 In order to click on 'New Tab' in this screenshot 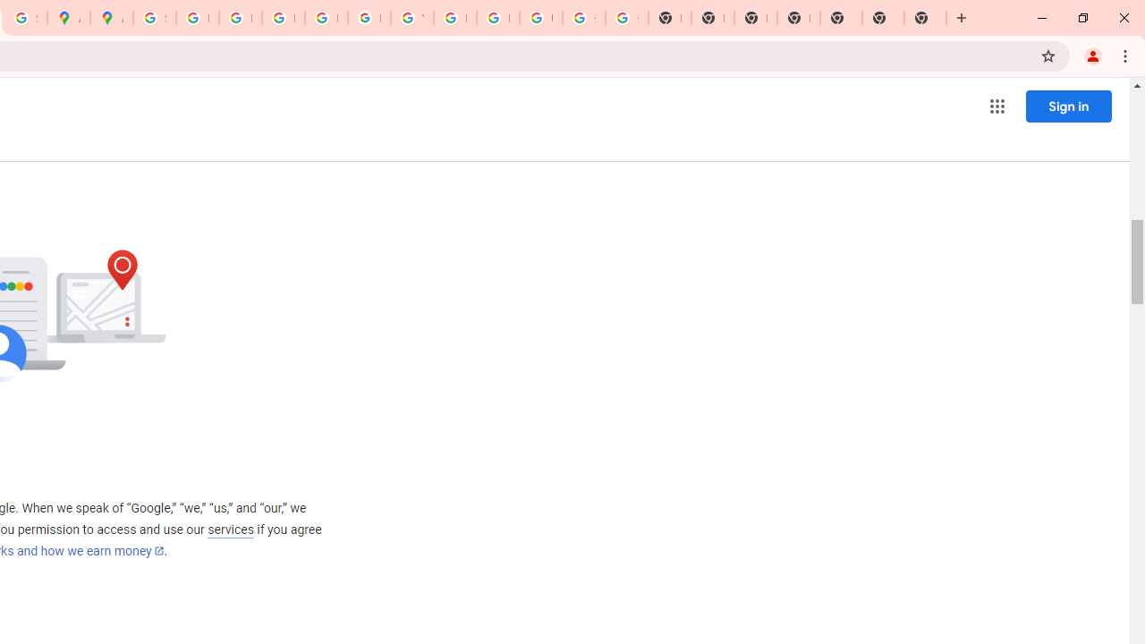, I will do `click(883, 18)`.